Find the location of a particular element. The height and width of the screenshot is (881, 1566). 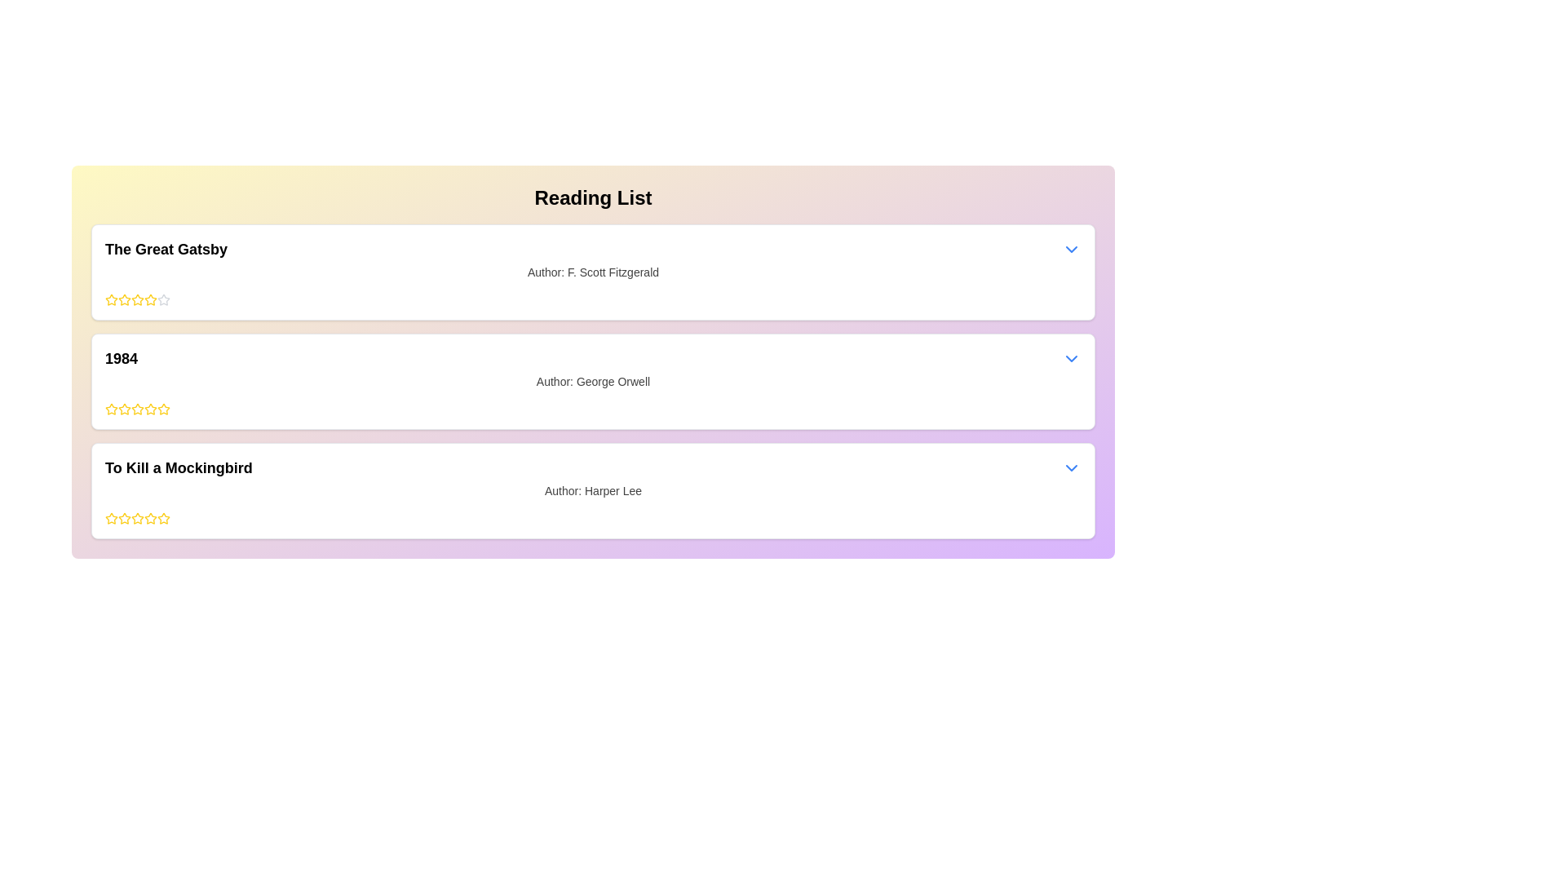

the third star icon in the 5-star rating system under the '1984' heading in the 'Reading List' to rate it is located at coordinates (124, 408).